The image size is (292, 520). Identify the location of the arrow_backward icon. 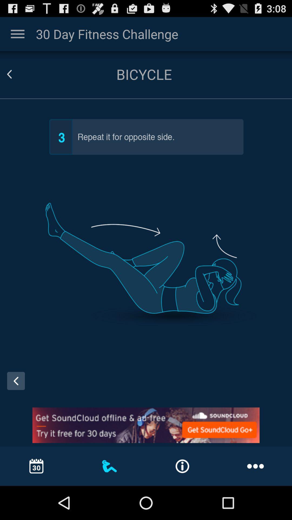
(14, 413).